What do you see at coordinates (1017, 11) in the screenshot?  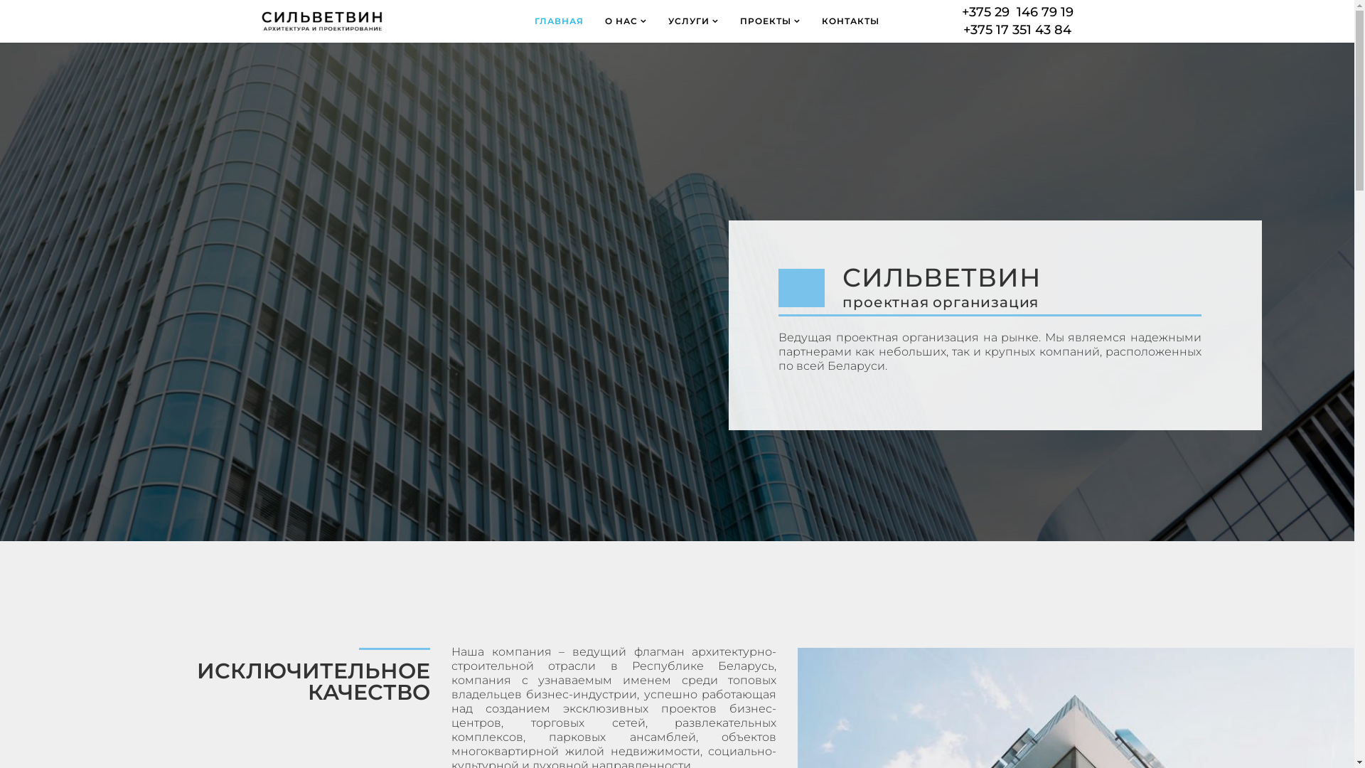 I see `'+375 29  146 79 19'` at bounding box center [1017, 11].